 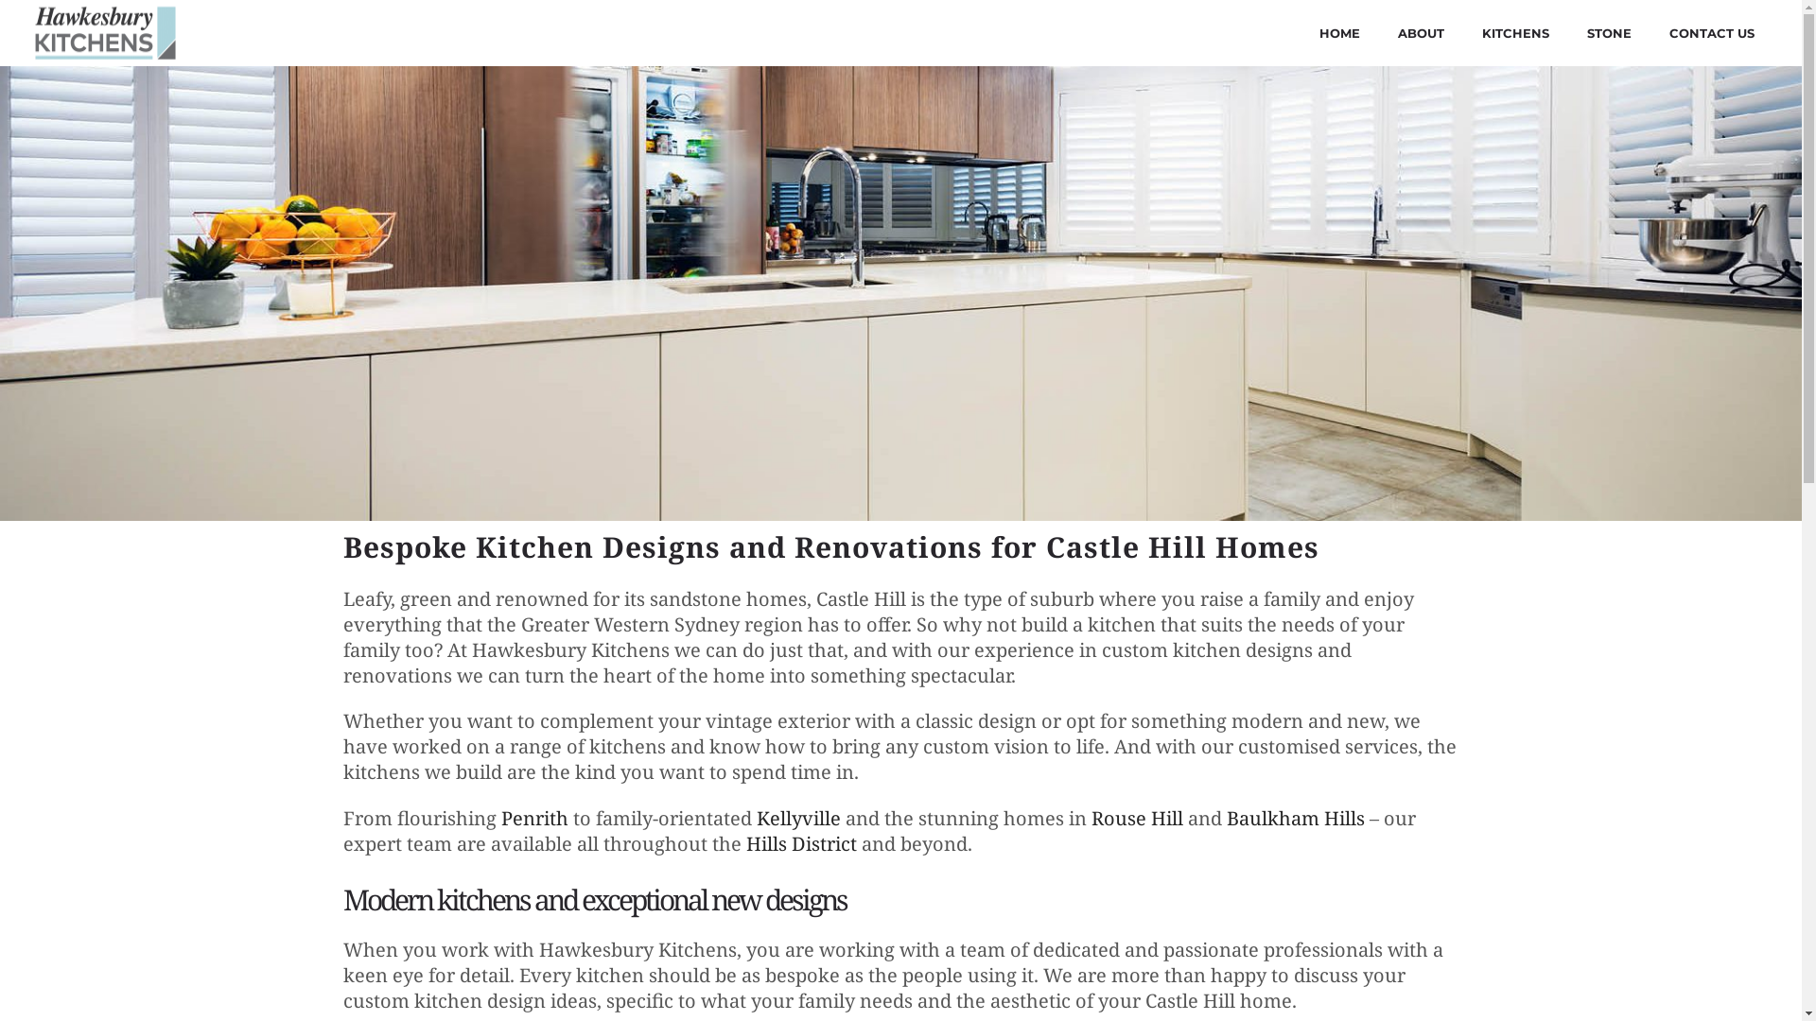 I want to click on 'HOME', so click(x=1338, y=32).